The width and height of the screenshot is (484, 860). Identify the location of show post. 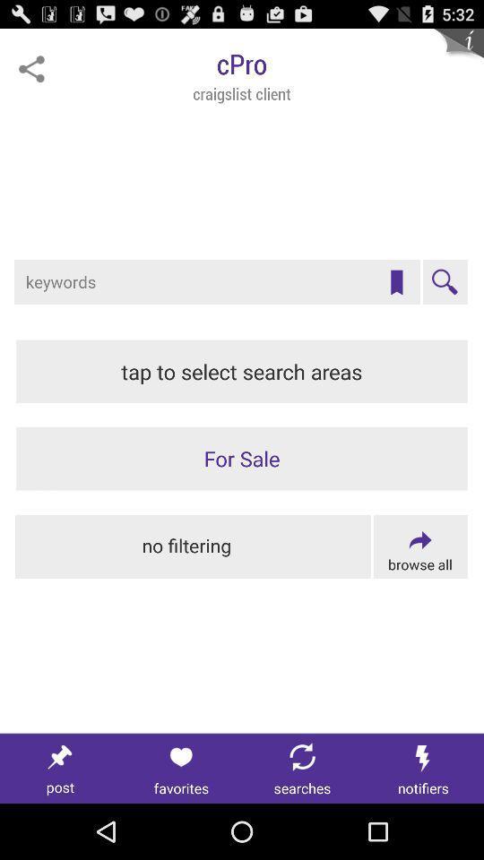
(60, 768).